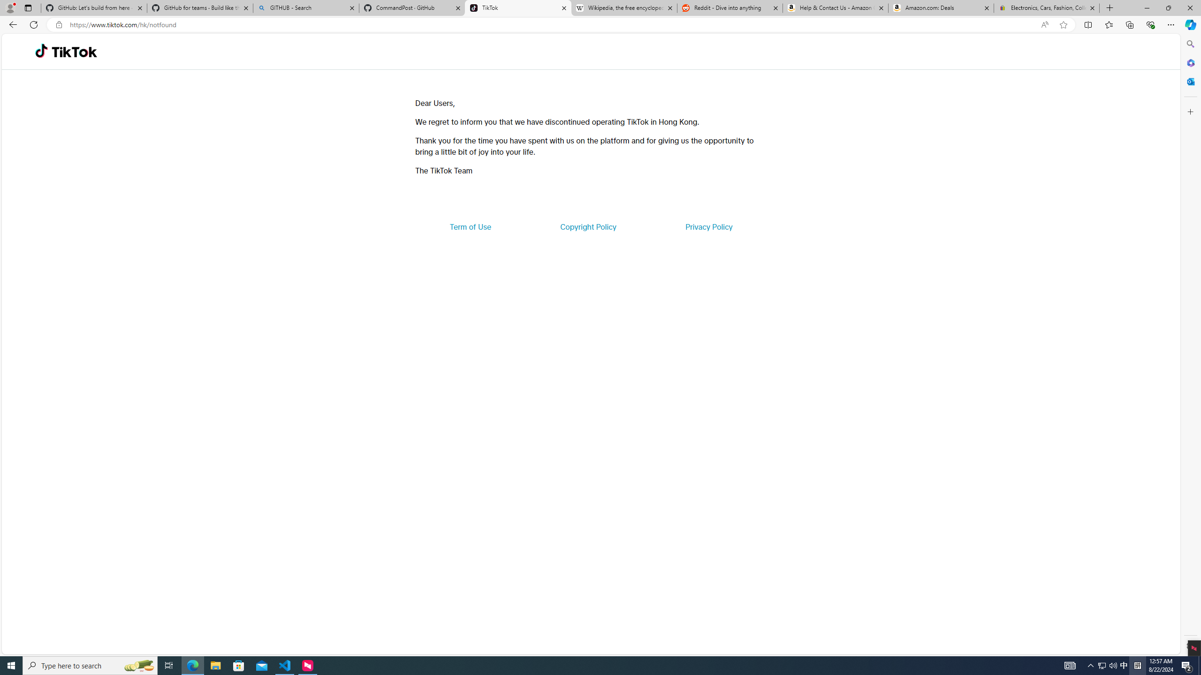 Image resolution: width=1201 pixels, height=675 pixels. What do you see at coordinates (623, 7) in the screenshot?
I see `'Wikipedia, the free encyclopedia'` at bounding box center [623, 7].